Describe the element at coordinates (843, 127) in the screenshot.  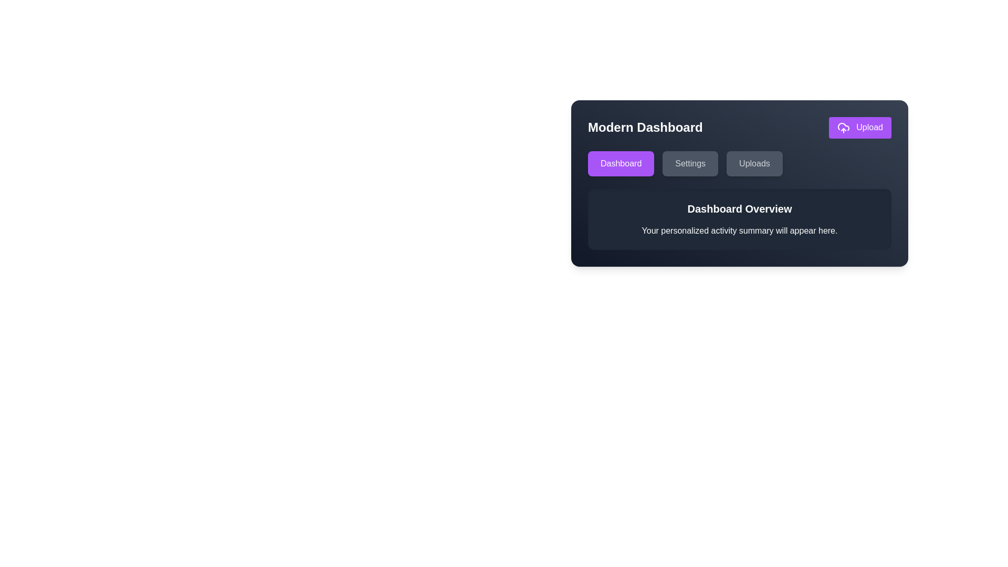
I see `the cloud icon located on the left side of the purple 'Upload' button within the 'Modern Dashboard' card` at that location.